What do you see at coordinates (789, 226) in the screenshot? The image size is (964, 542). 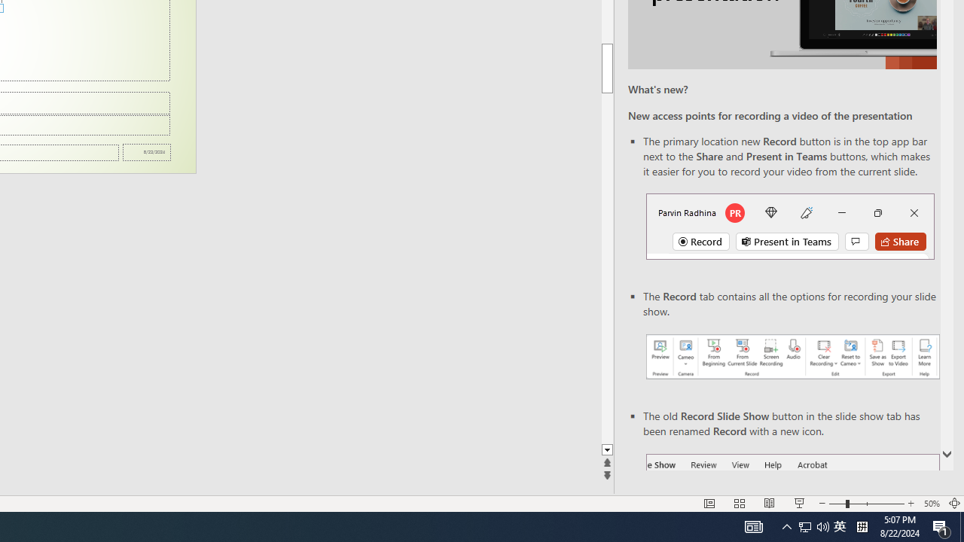 I see `'Record button in top bar'` at bounding box center [789, 226].